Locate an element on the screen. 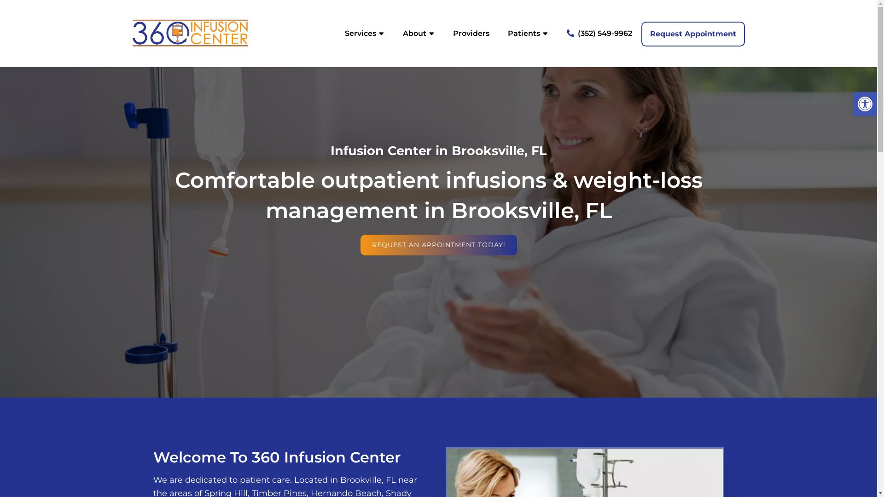 Image resolution: width=884 pixels, height=497 pixels. 'Request Appointment' is located at coordinates (640, 33).